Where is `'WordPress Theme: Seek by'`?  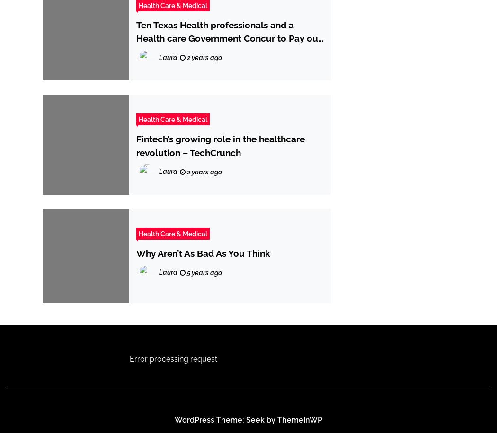 'WordPress Theme: Seek by' is located at coordinates (226, 419).